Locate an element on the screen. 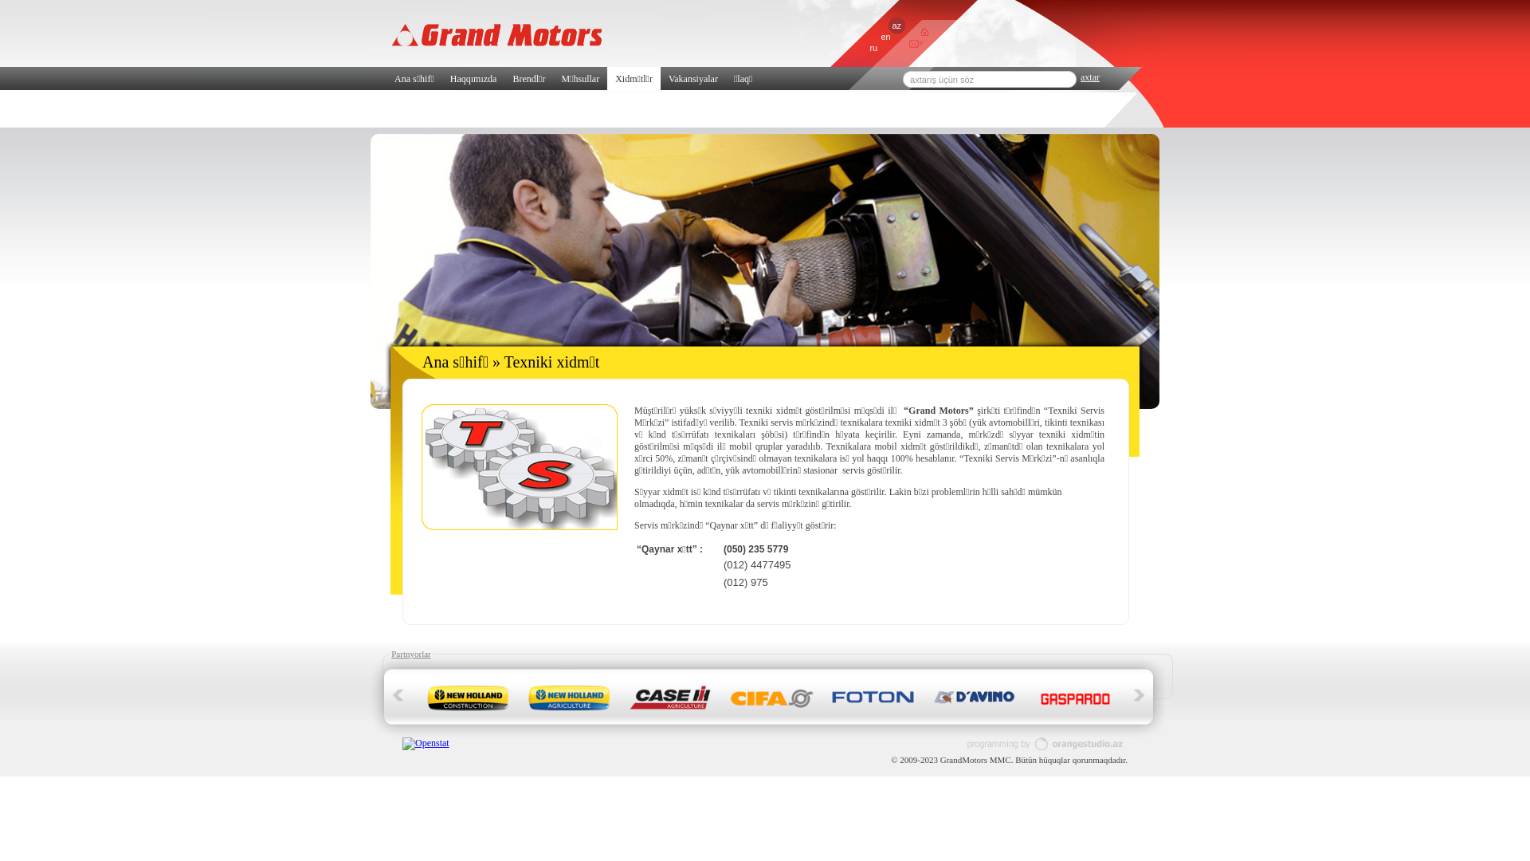 The height and width of the screenshot is (861, 1530). 'en' is located at coordinates (875, 36).